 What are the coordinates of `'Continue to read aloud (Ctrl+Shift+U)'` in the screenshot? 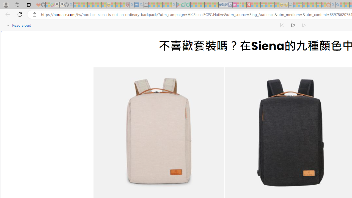 It's located at (293, 25).